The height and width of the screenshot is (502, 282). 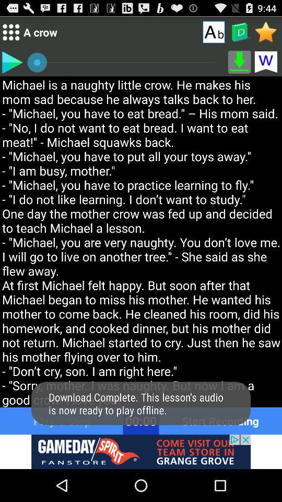 What do you see at coordinates (239, 66) in the screenshot?
I see `the file_download icon` at bounding box center [239, 66].